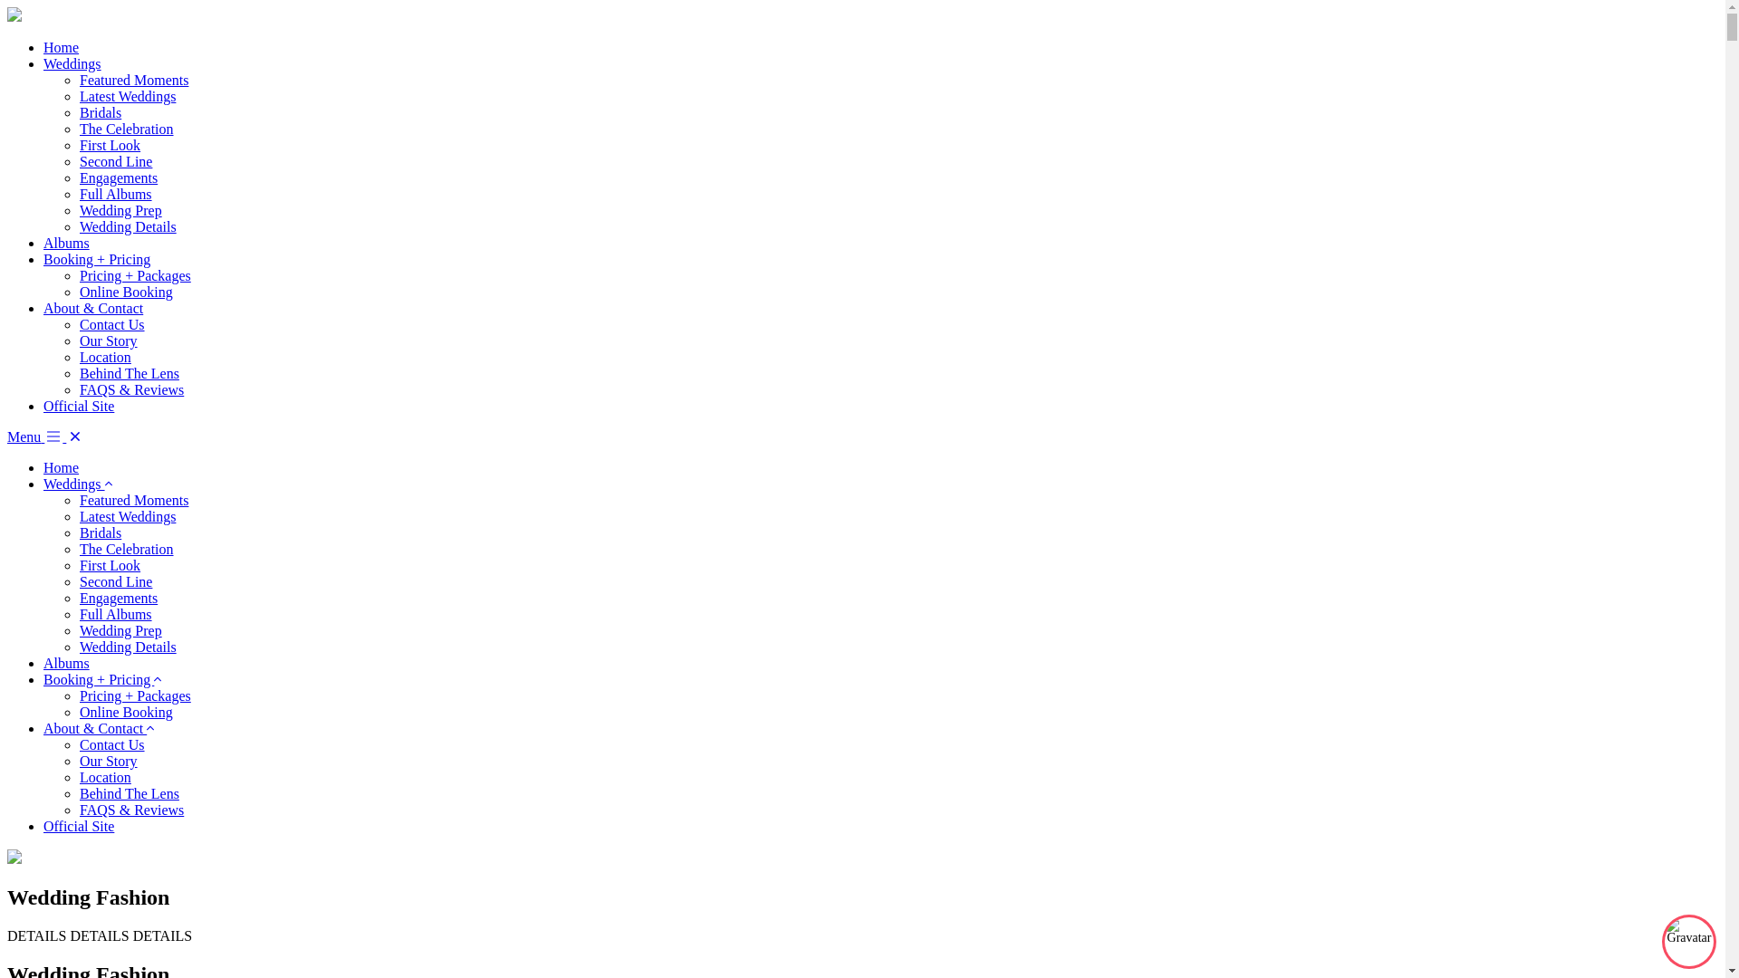 Image resolution: width=1739 pixels, height=978 pixels. What do you see at coordinates (66, 663) in the screenshot?
I see `'Albums'` at bounding box center [66, 663].